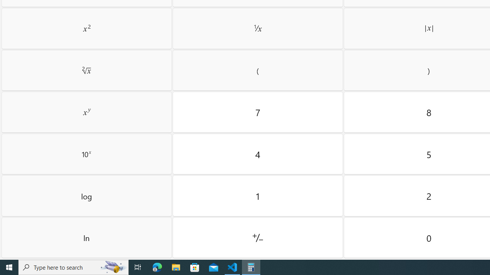 Image resolution: width=490 pixels, height=275 pixels. What do you see at coordinates (232, 267) in the screenshot?
I see `'Visual Studio Code - 1 running window'` at bounding box center [232, 267].